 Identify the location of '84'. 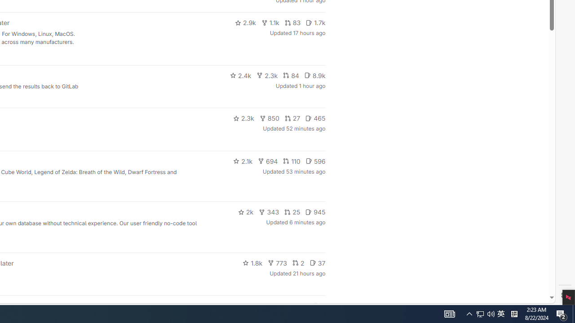
(291, 75).